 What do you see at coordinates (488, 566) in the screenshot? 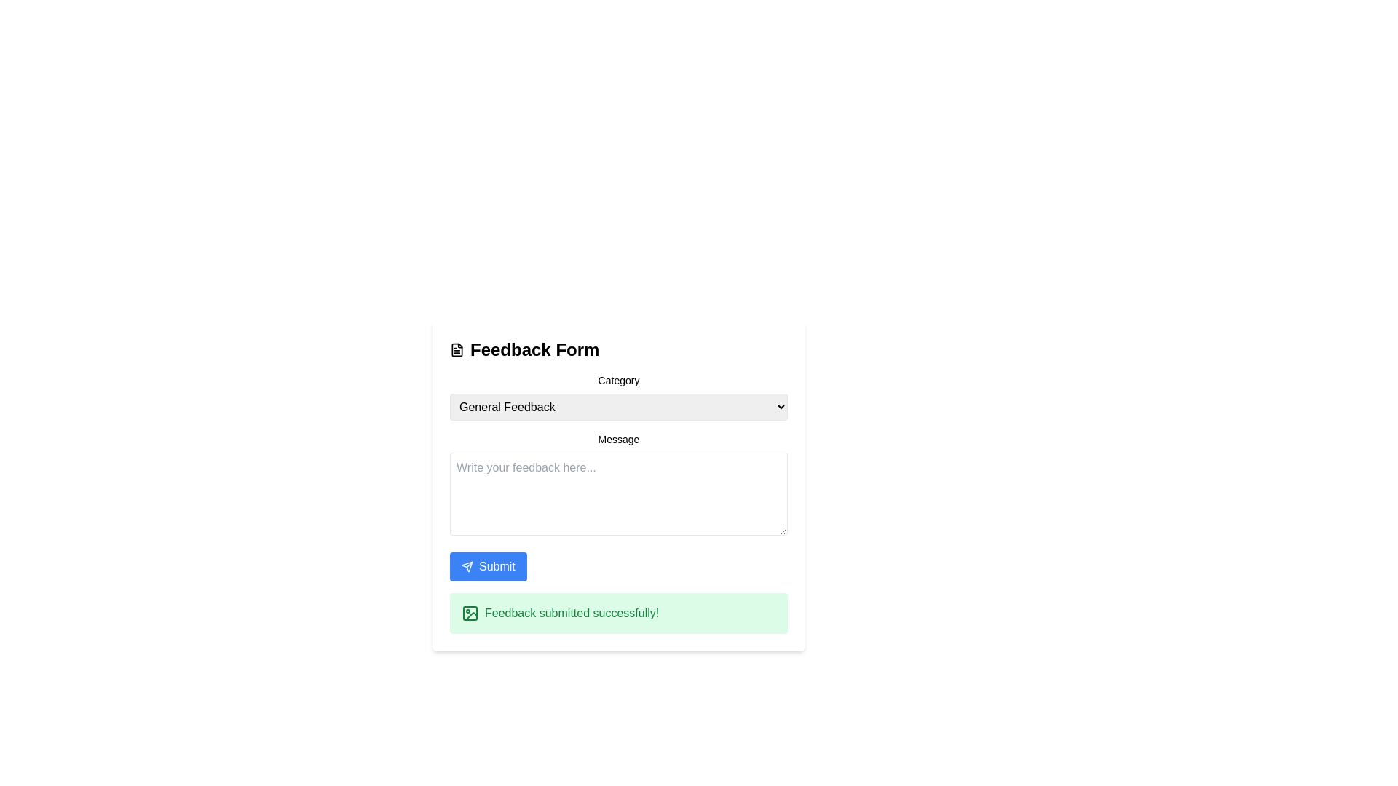
I see `the submit button located at the bottom of the feedback form, just below the 'Message' text area` at bounding box center [488, 566].